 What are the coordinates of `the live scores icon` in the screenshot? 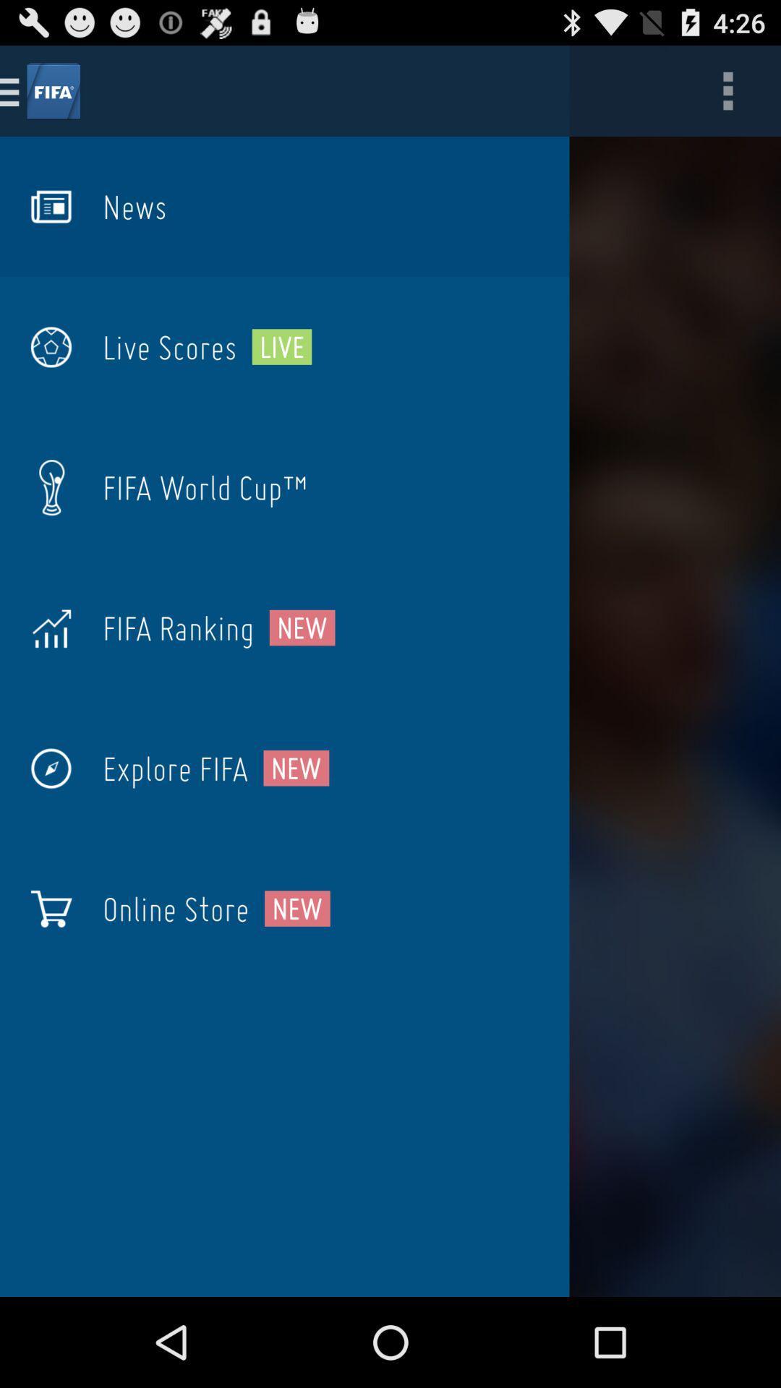 It's located at (168, 347).